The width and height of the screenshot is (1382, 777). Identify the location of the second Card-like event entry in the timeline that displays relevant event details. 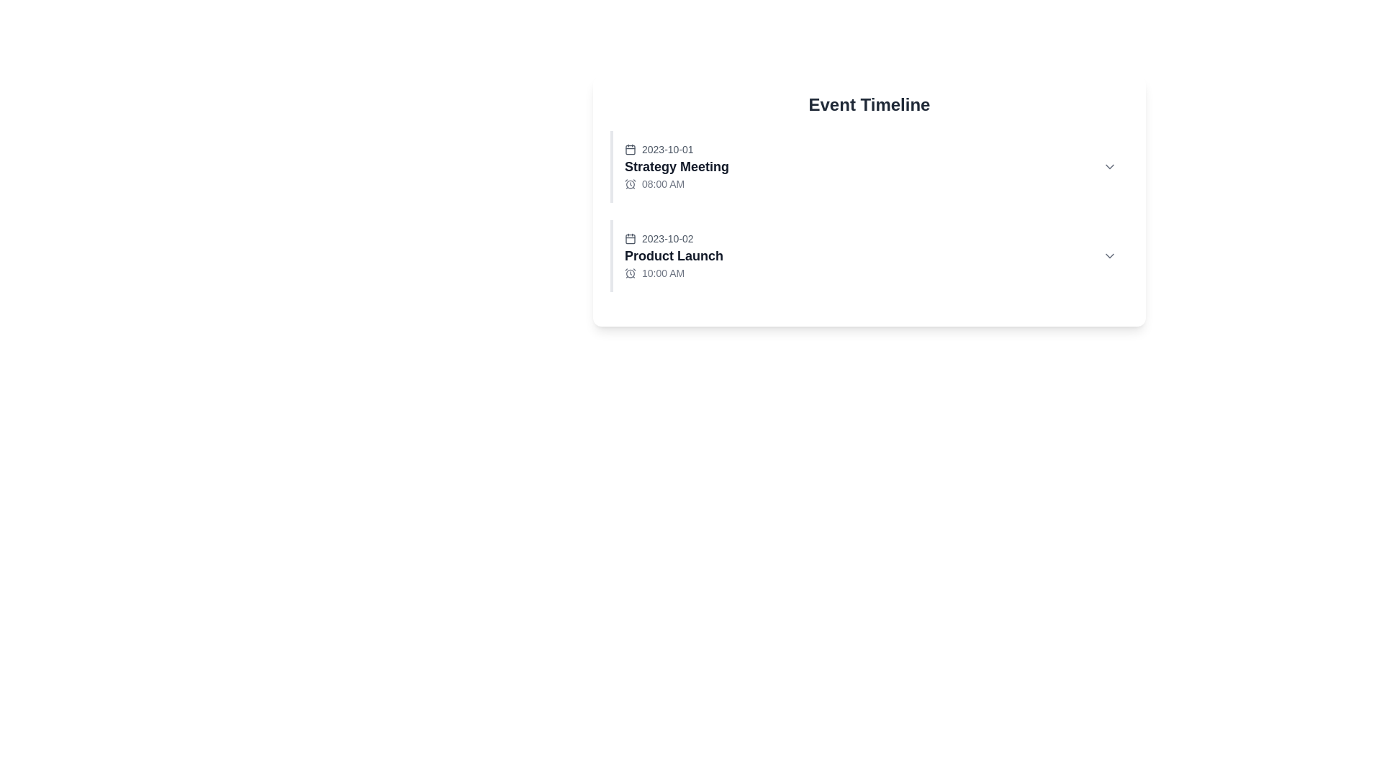
(869, 255).